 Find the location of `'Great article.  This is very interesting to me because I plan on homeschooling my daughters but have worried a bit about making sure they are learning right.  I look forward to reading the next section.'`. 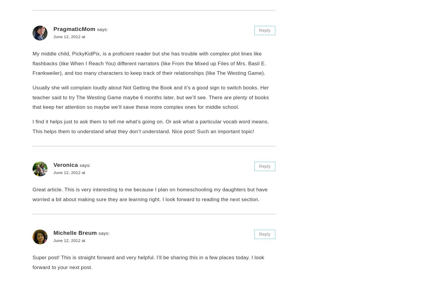

'Great article.  This is very interesting to me because I plan on homeschooling my daughters but have worried a bit about making sure they are learning right.  I look forward to reading the next section.' is located at coordinates (150, 194).